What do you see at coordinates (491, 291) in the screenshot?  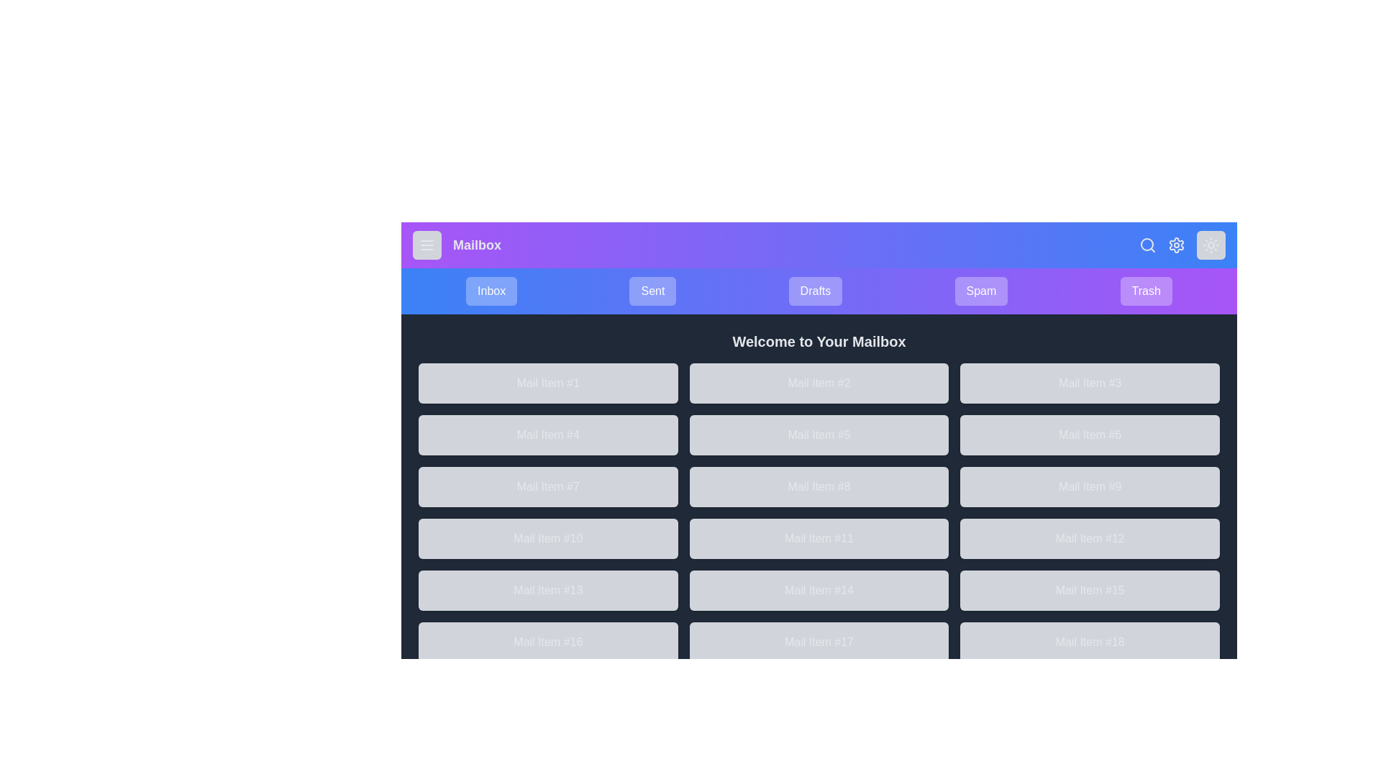 I see `the navigation or action element Inbox` at bounding box center [491, 291].